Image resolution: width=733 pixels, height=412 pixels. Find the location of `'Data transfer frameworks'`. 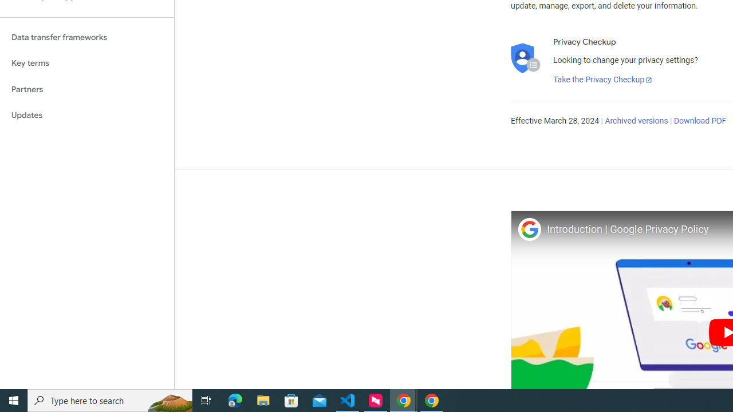

'Data transfer frameworks' is located at coordinates (86, 37).